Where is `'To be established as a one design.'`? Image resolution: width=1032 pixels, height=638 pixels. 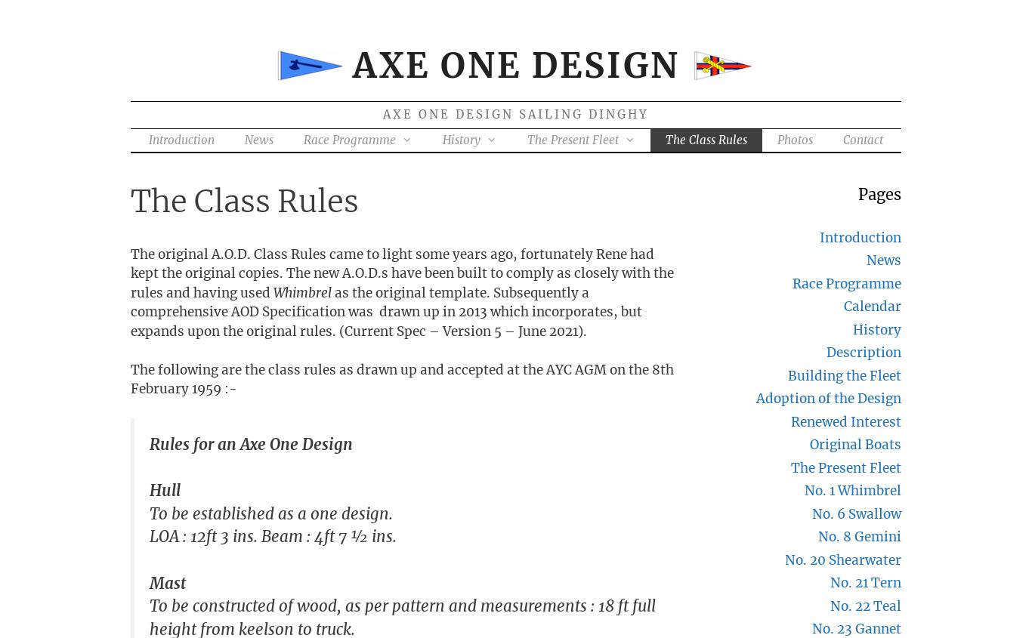 'To be established as a one design.' is located at coordinates (270, 512).